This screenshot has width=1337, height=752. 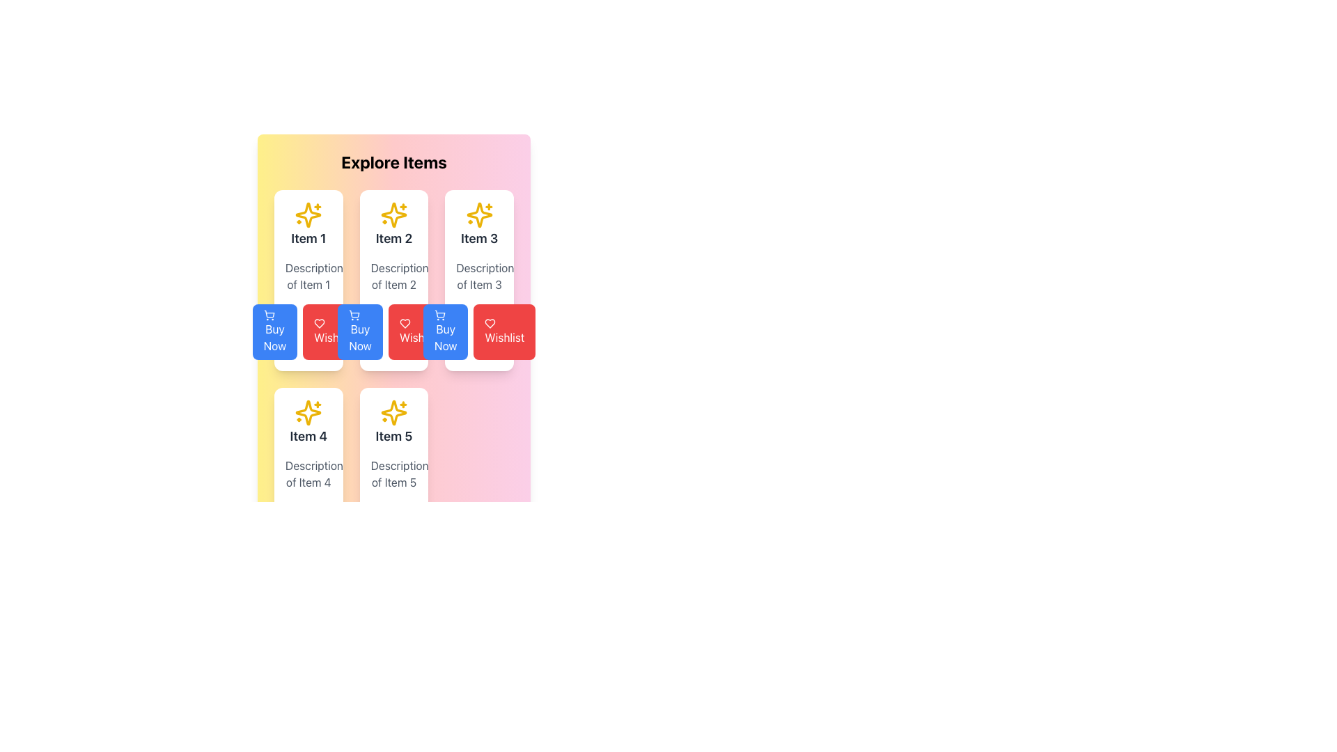 I want to click on the shopping cart icon located to the left of the 'Buy Now' button in the grid layout, so click(x=269, y=315).